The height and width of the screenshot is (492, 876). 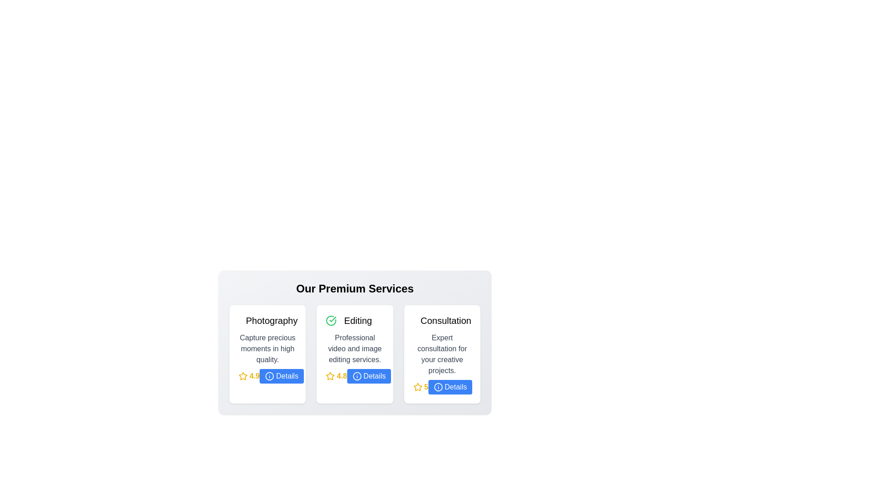 I want to click on the star rating for a service to 3 stars, so click(x=259, y=376).